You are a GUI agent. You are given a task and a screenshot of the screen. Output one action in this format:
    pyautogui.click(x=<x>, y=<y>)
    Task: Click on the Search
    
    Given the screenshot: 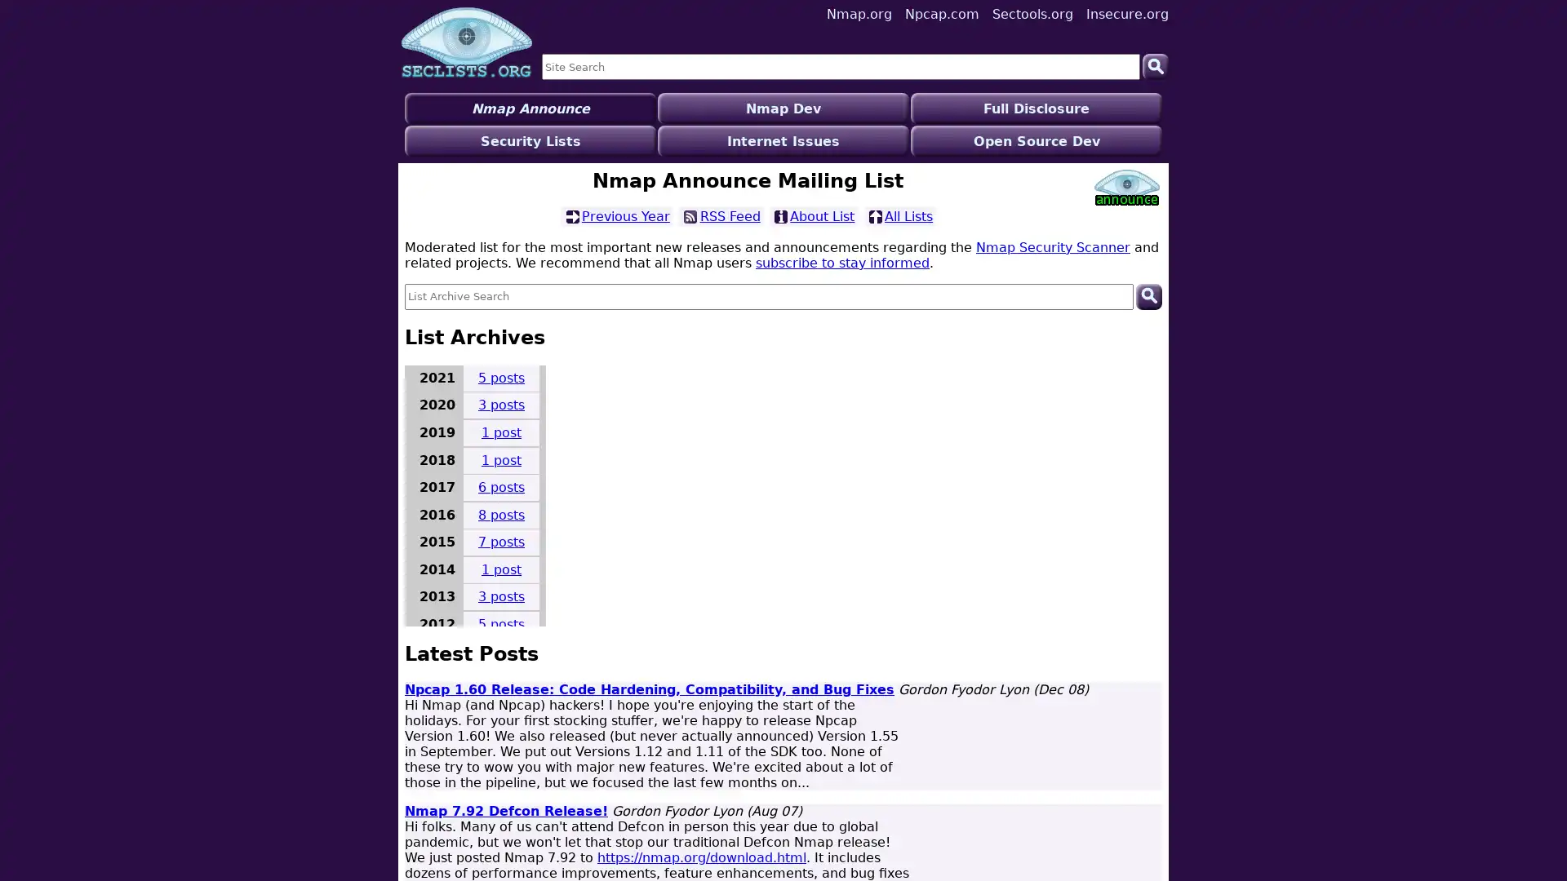 What is the action you would take?
    pyautogui.click(x=1155, y=65)
    